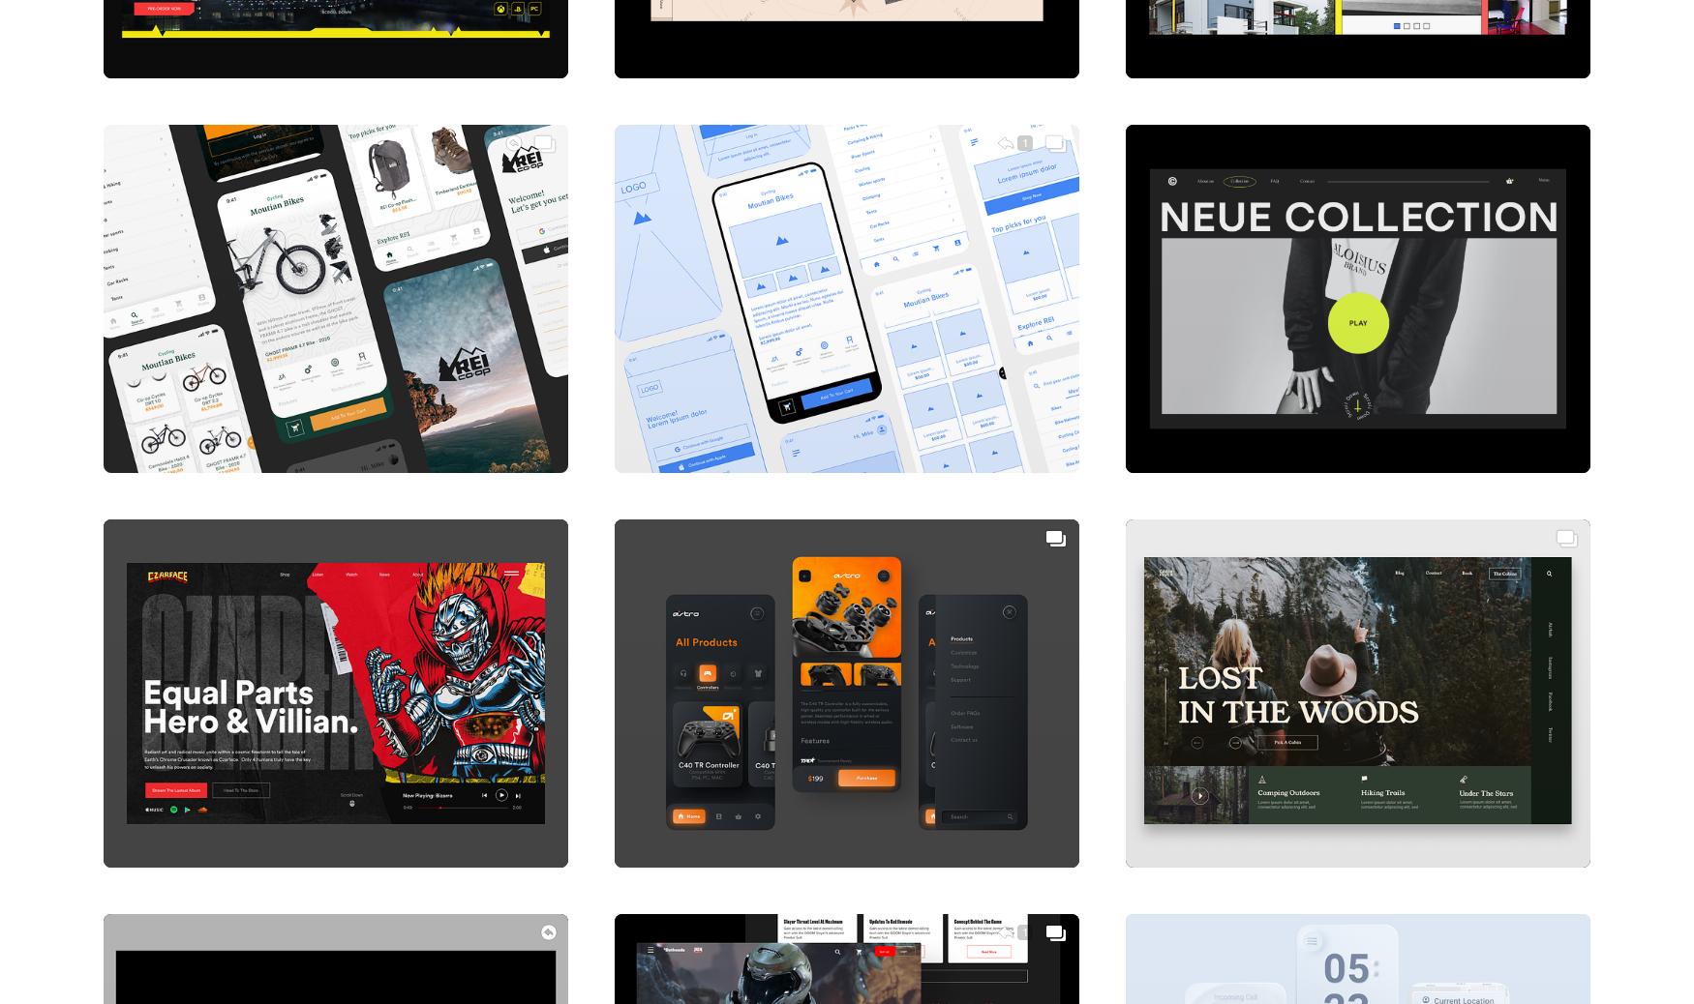 This screenshot has width=1694, height=1004. Describe the element at coordinates (229, 827) in the screenshot. I see `'CZARFACE Landpage Design'` at that location.